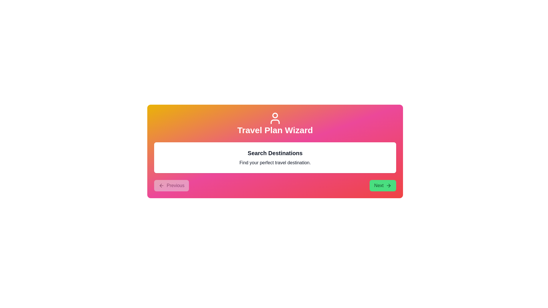 This screenshot has width=548, height=308. I want to click on the 'Previous' button located at the bottom left corner of the navigation options area, so click(171, 186).